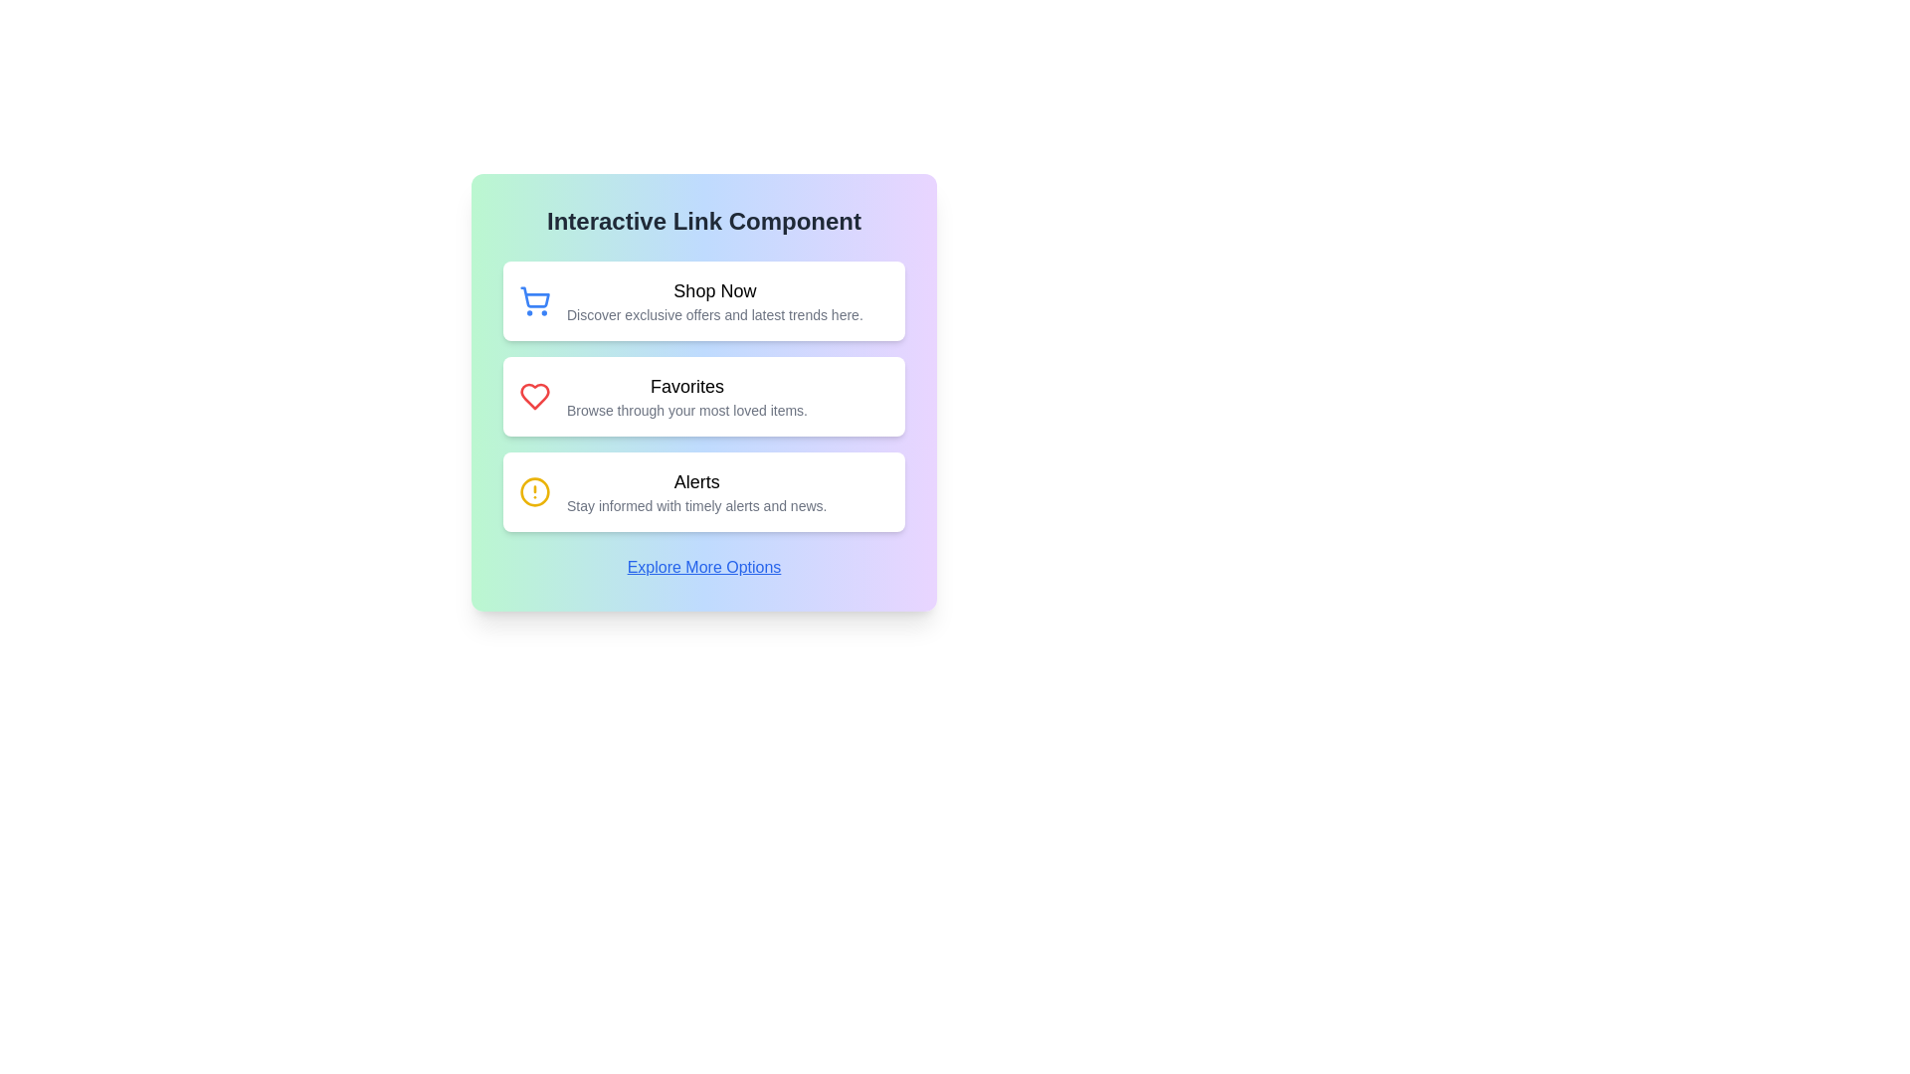 The height and width of the screenshot is (1074, 1910). What do you see at coordinates (703, 567) in the screenshot?
I see `the hyperlink located at the bottom-center of the 'Interactive Link Component' card to change its color` at bounding box center [703, 567].